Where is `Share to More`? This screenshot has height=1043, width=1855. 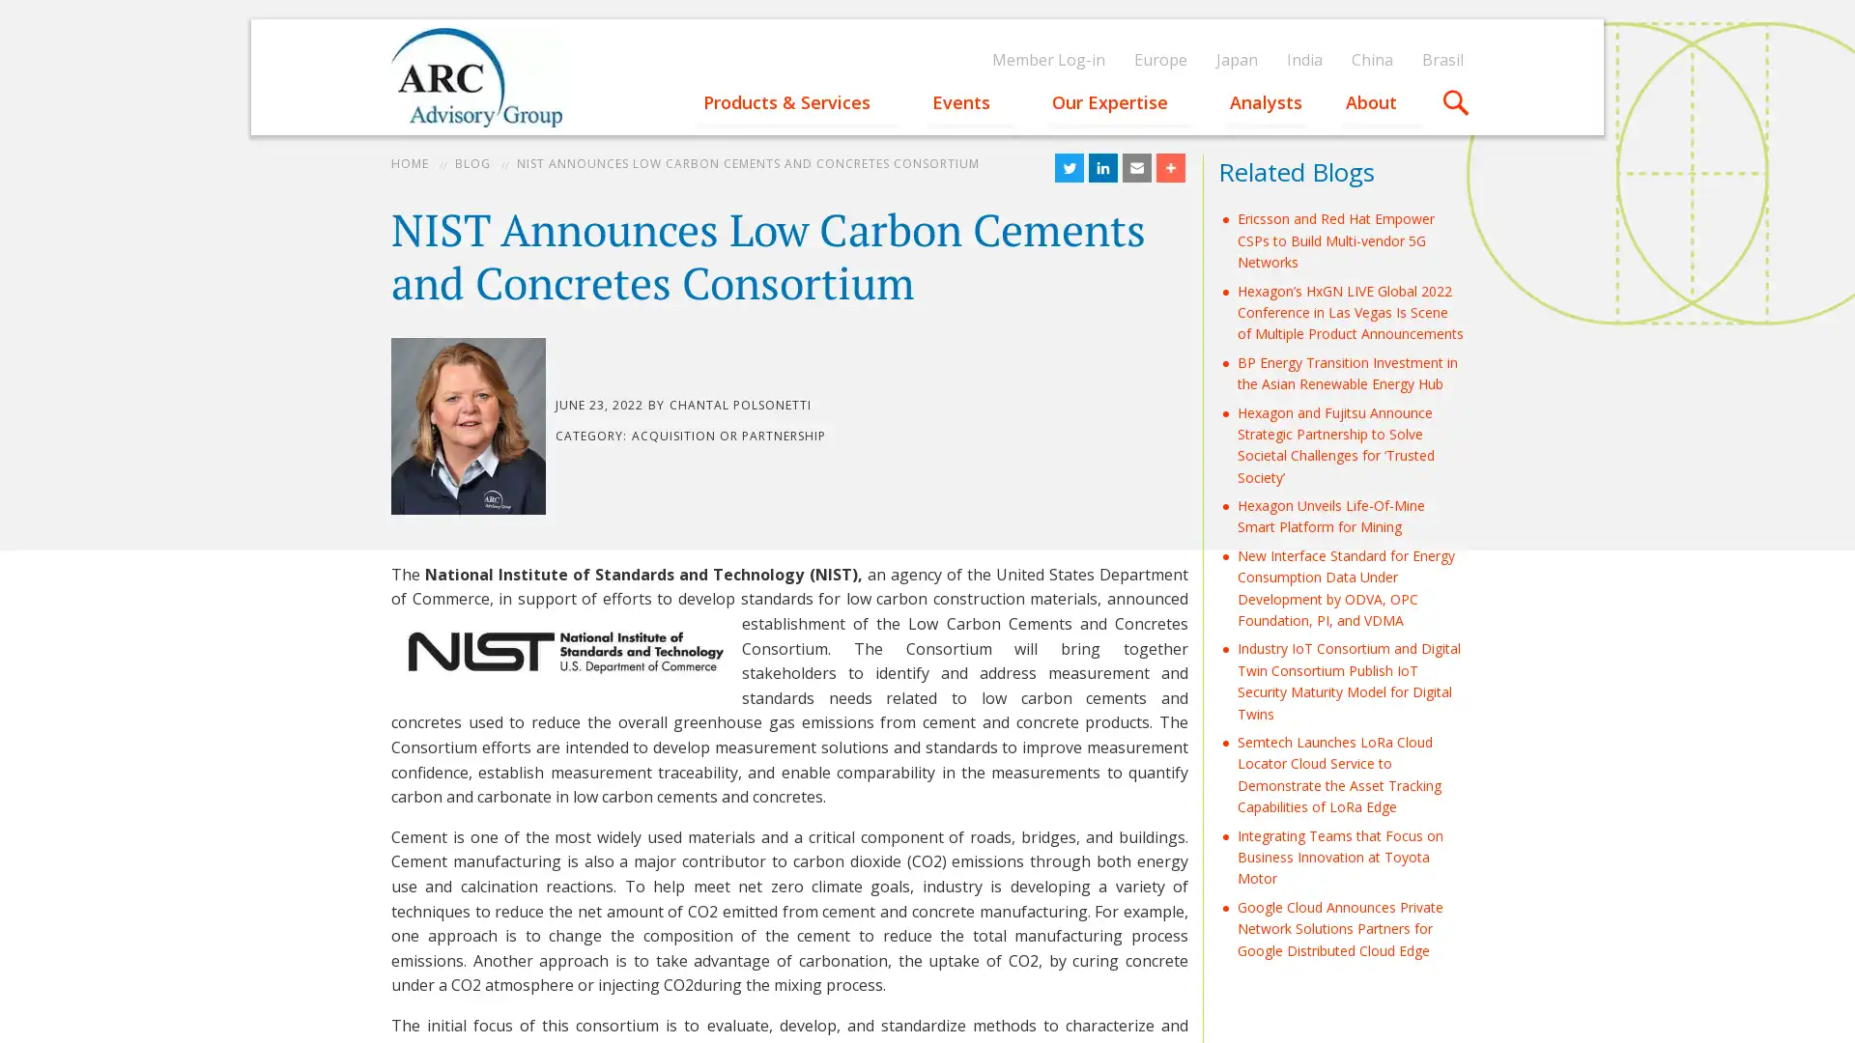 Share to More is located at coordinates (1171, 166).